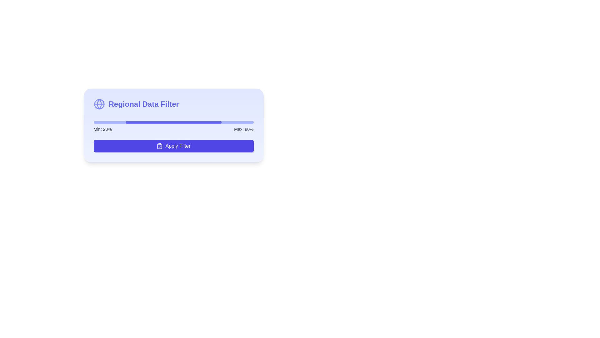 This screenshot has height=338, width=600. Describe the element at coordinates (210, 122) in the screenshot. I see `the filter value` at that location.